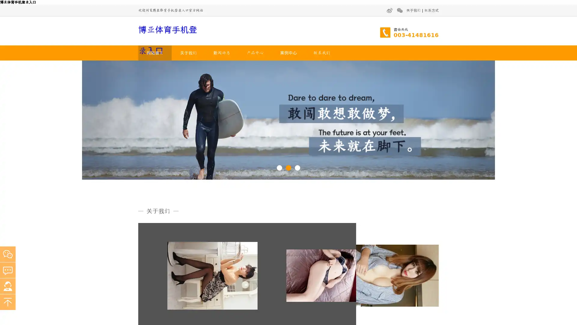  Describe the element at coordinates (279, 167) in the screenshot. I see `1` at that location.